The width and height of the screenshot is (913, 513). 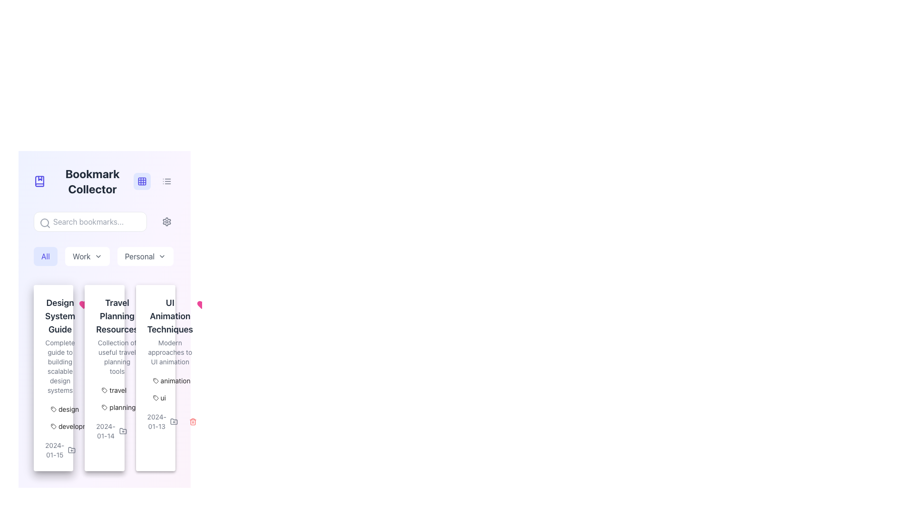 I want to click on the folder icon with a plus symbol located at the bottom-right of the 'UI Animation Techniques' content card, so click(x=174, y=421).